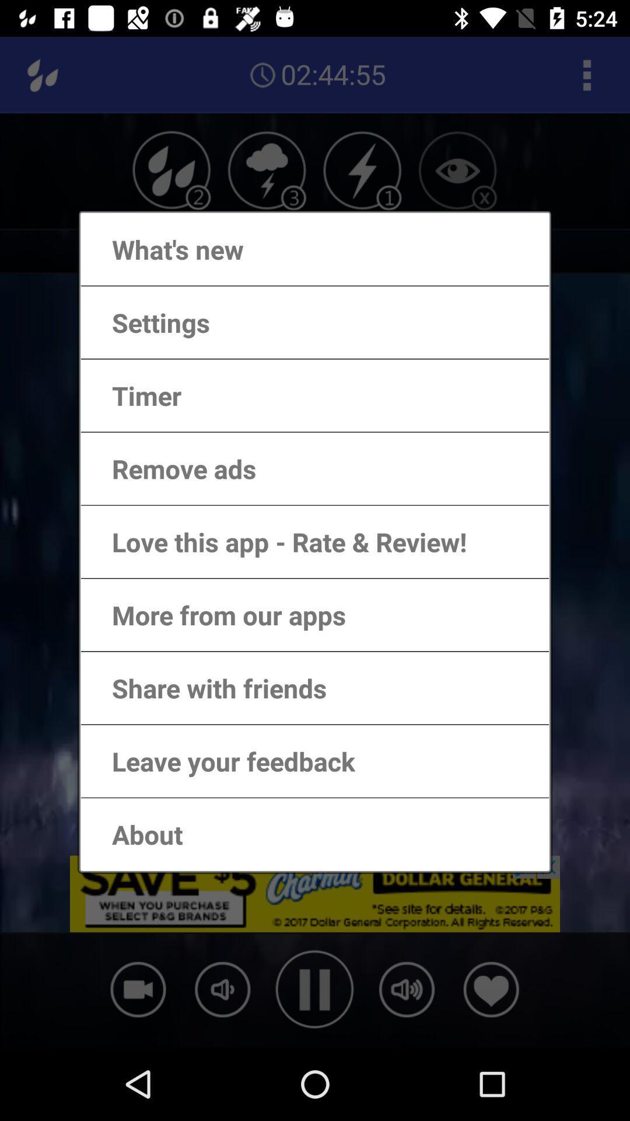  I want to click on app above remove ads, so click(134, 395).